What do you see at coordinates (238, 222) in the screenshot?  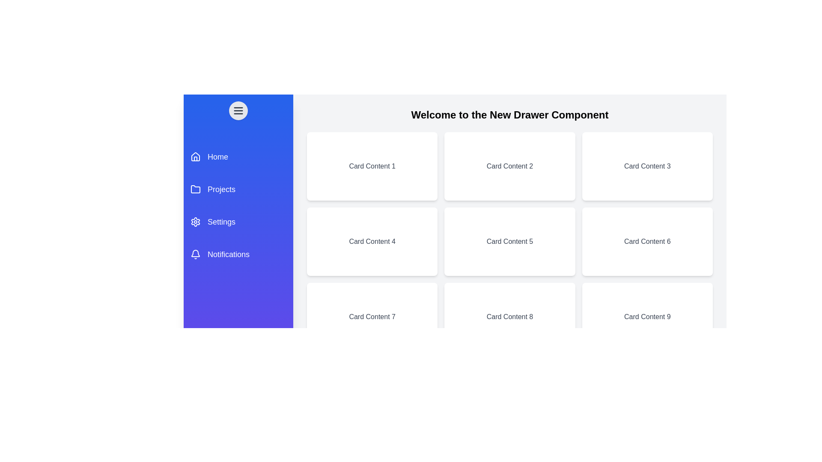 I see `the menu item Settings in the drawer` at bounding box center [238, 222].